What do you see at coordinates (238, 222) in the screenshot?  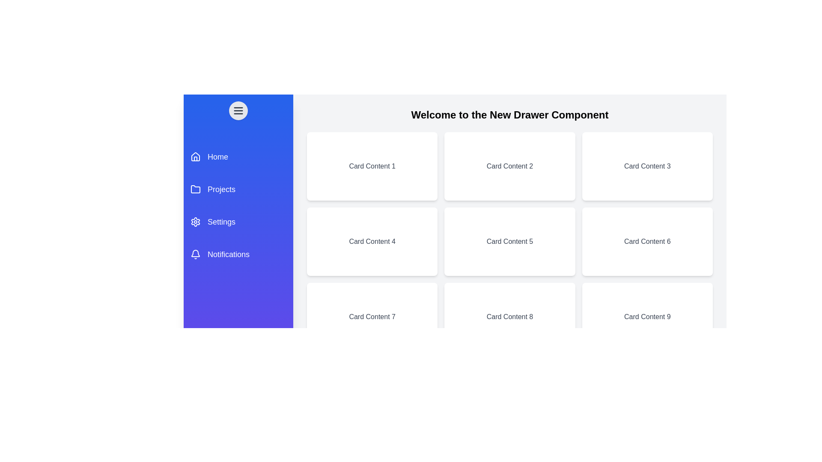 I see `the menu item Settings in the drawer` at bounding box center [238, 222].